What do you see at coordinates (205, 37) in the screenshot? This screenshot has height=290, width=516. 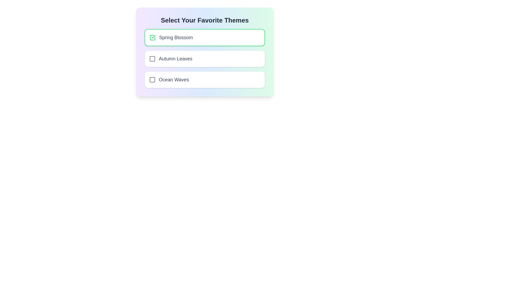 I see `the list item corresponding to Spring Blossom to observe its hover effect` at bounding box center [205, 37].